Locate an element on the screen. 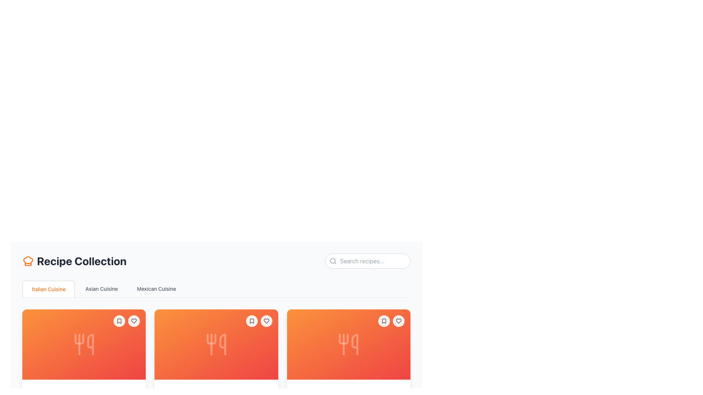  the Decorative header area of the 'Creamy Carbonara' recipe card, which is located in the middle column of a three-column grid layout under 'Italian Cuisine' in the 'Recipe Collection' section is located at coordinates (216, 344).